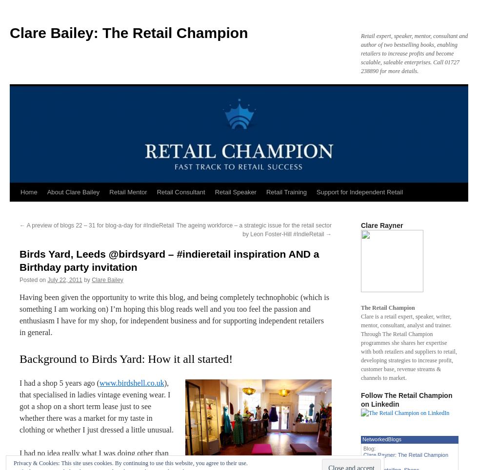  I want to click on 'Having been given the opportunity to write this blog, and being completely technophobic (which is something I am working on) I’m hoping this blog reads well and you too feel the passion and enthusiasm I have for my shop, for independent business and for supporting independent retailers in general.', so click(174, 314).